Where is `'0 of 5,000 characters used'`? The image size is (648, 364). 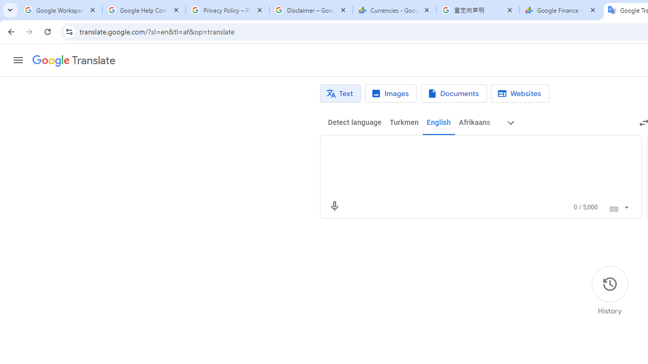
'0 of 5,000 characters used' is located at coordinates (586, 207).